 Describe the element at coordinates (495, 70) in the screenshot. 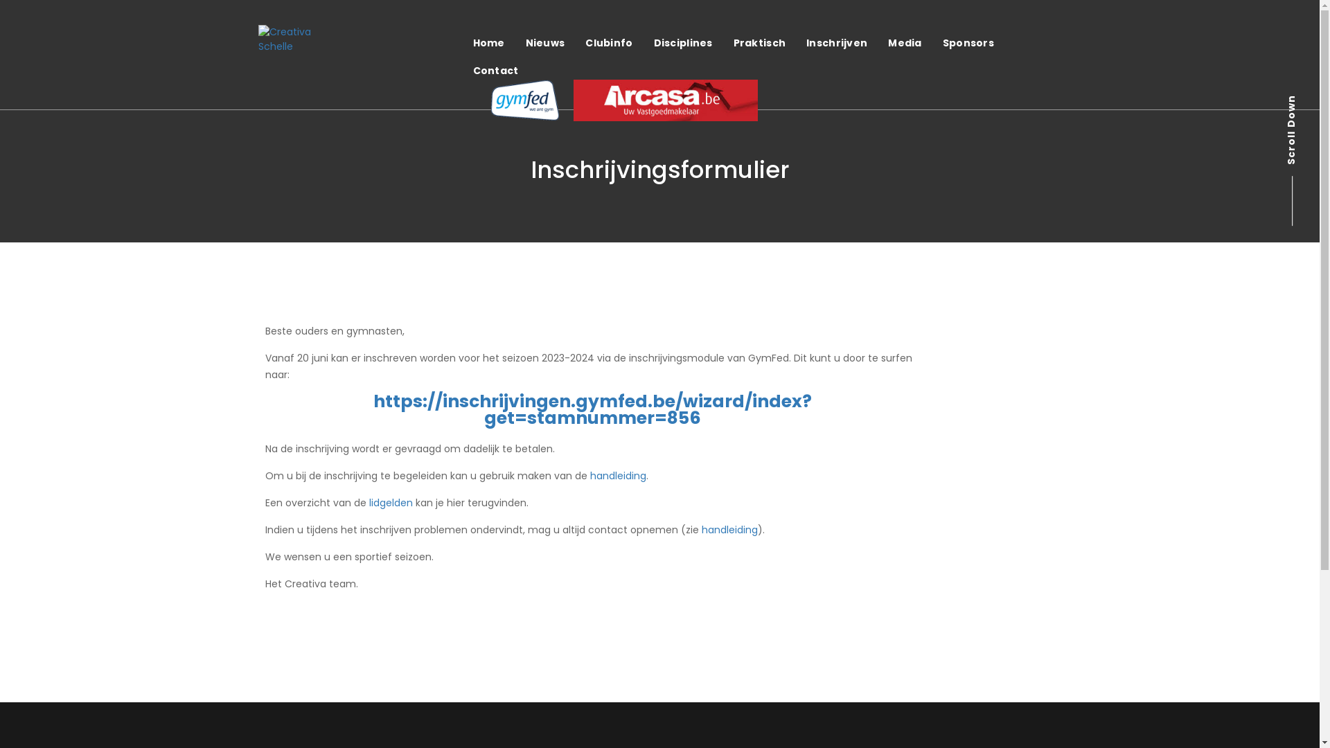

I see `'Contact'` at that location.